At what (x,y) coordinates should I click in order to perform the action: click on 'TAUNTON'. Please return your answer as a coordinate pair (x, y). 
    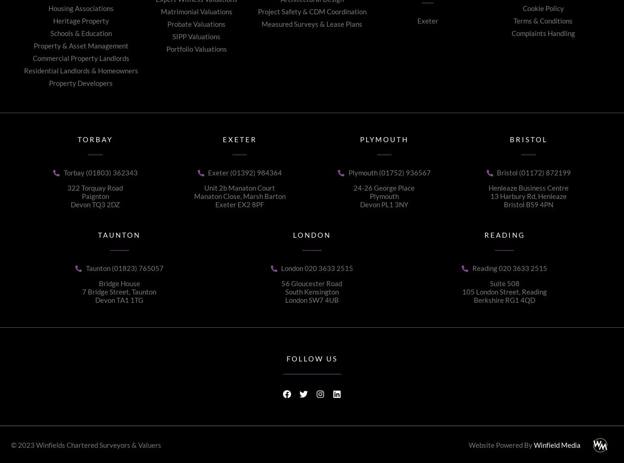
    Looking at the image, I should click on (98, 235).